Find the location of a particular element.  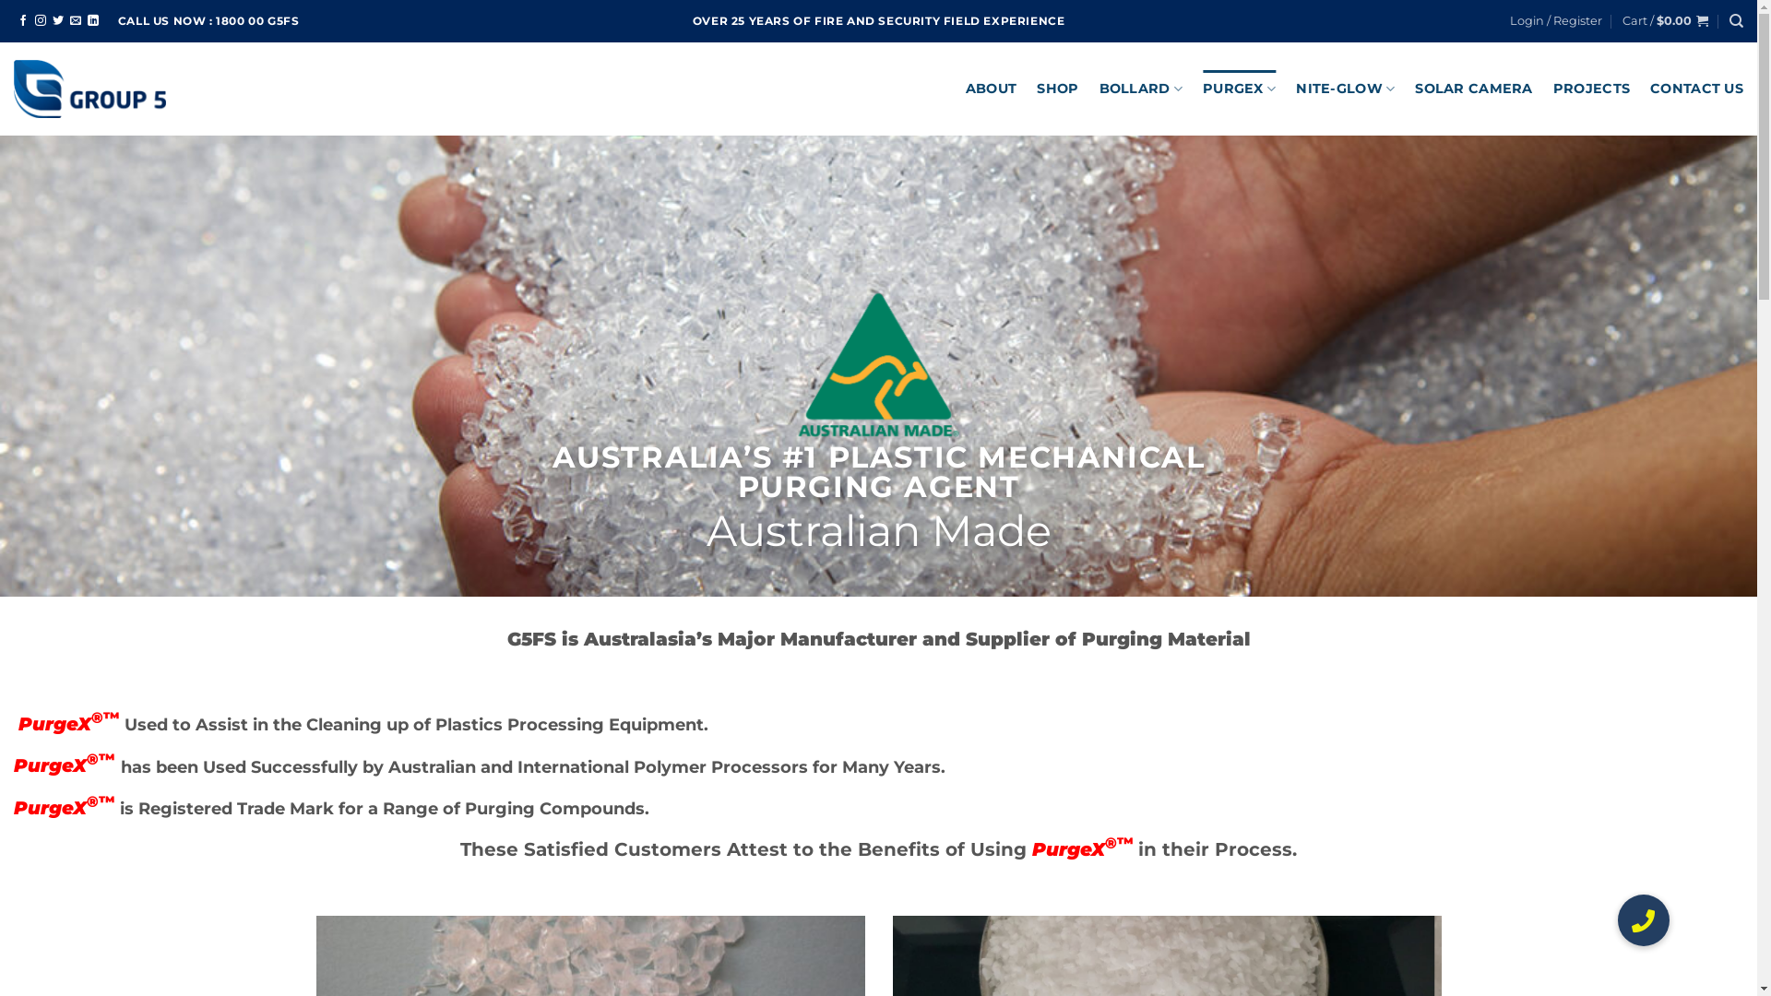

'PURGEX' is located at coordinates (1239, 89).